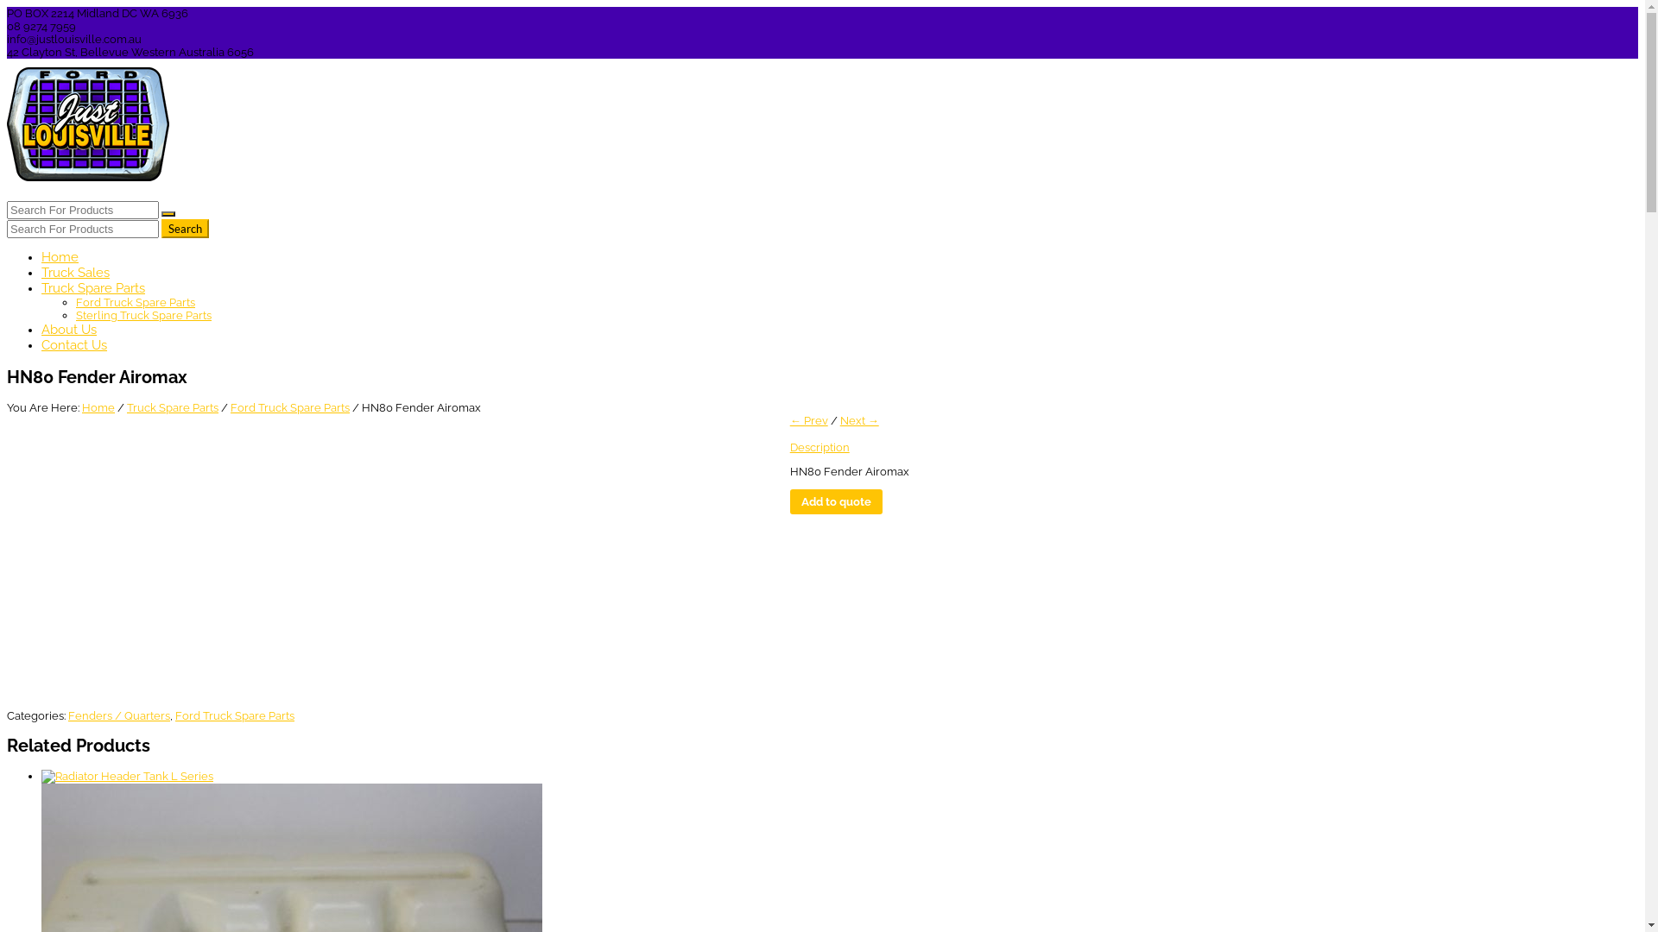 The height and width of the screenshot is (932, 1658). Describe the element at coordinates (74, 272) in the screenshot. I see `'Truck Sales'` at that location.